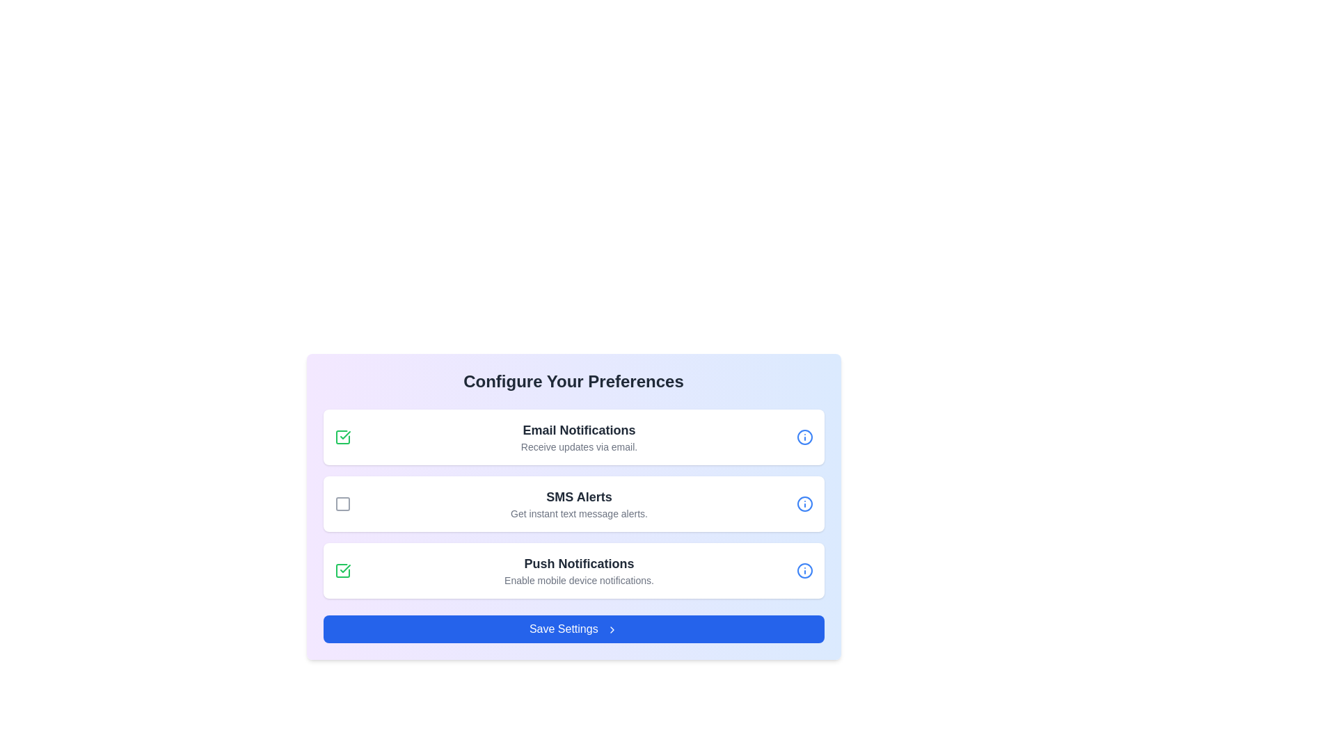  What do you see at coordinates (612, 629) in the screenshot?
I see `the chevron icon located to the right of the 'Save Settings' text on the button at the bottom of the interface` at bounding box center [612, 629].